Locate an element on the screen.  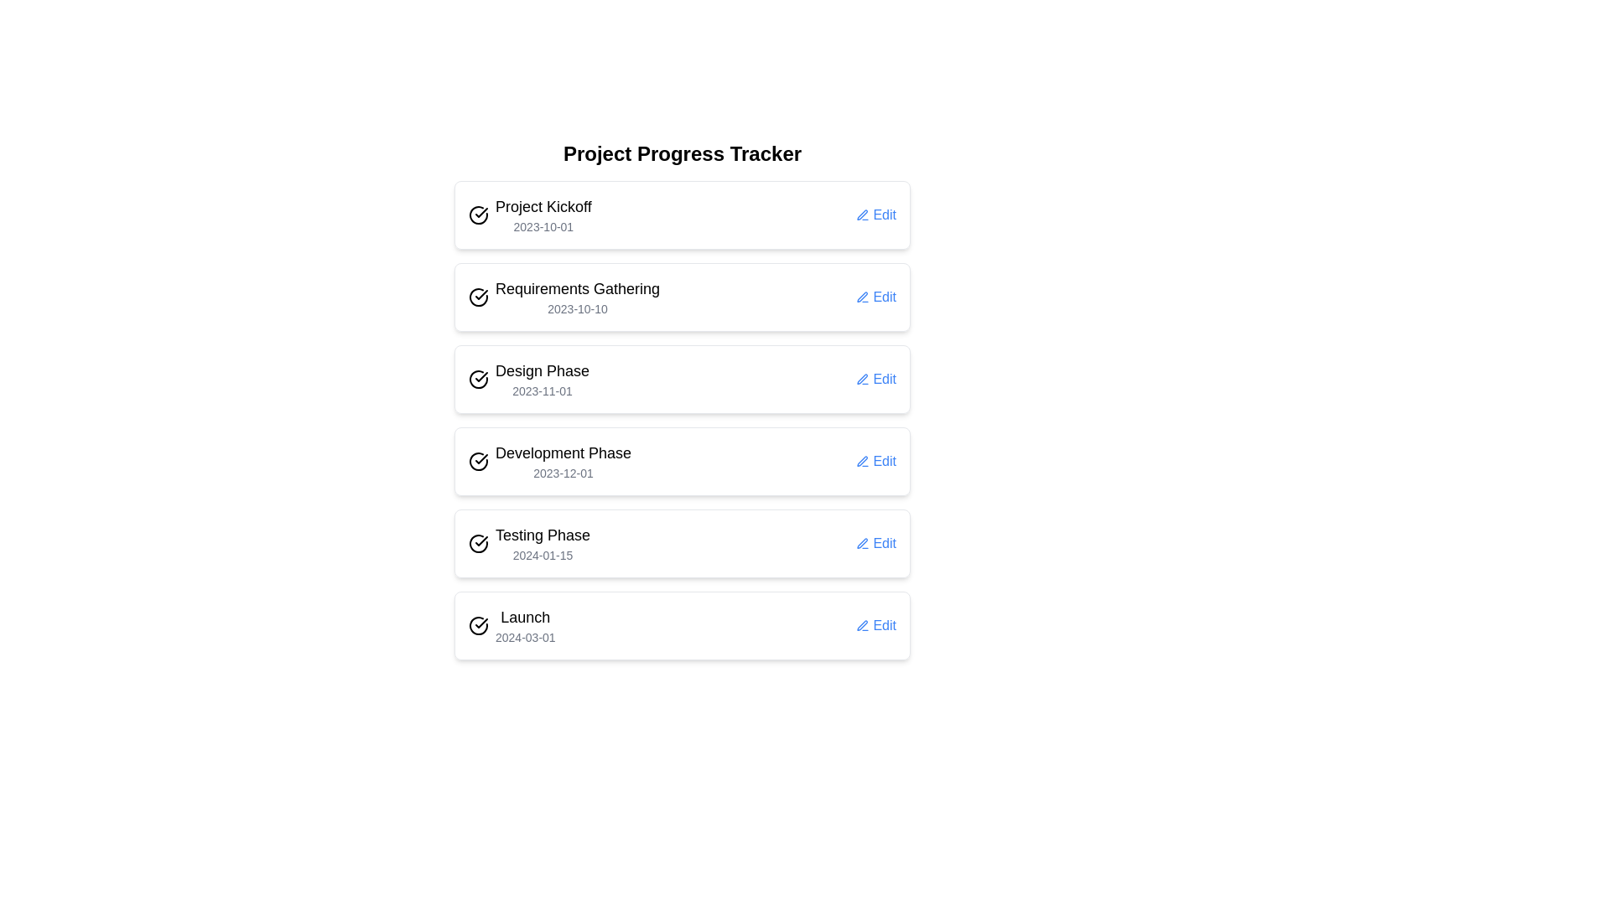
the edit button located on the right side of the 'Design Phase' section, positioned after the '2023-11-01' date text, to initiate editing is located at coordinates (875, 379).